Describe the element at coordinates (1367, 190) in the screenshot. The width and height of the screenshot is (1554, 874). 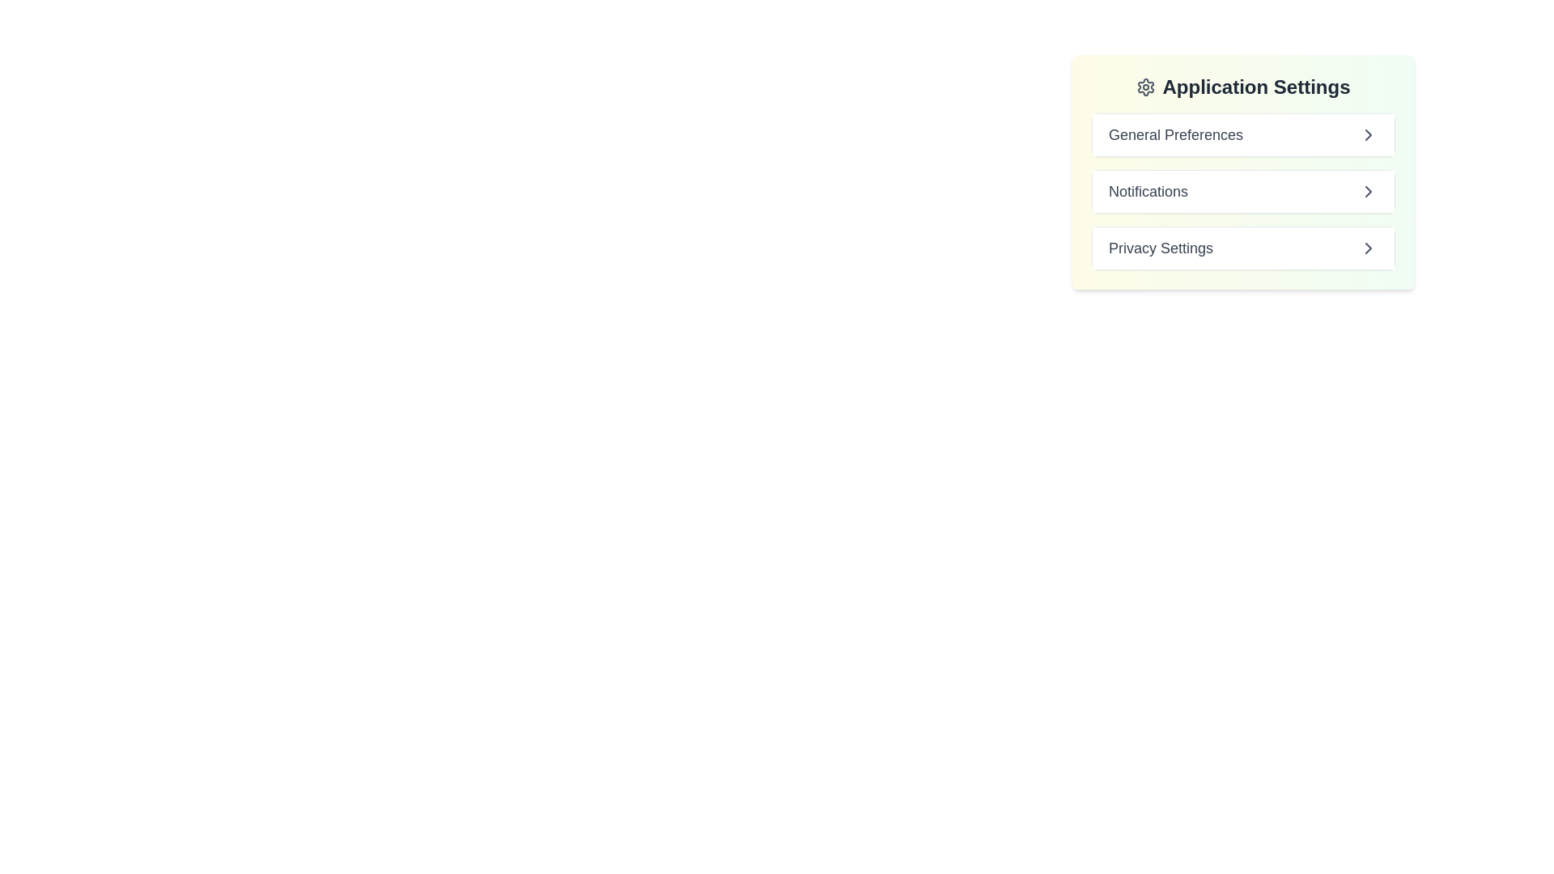
I see `the right-pointing triangular arrow icon located to the right of the 'Notifications' setting in the 'Application Settings' panel` at that location.